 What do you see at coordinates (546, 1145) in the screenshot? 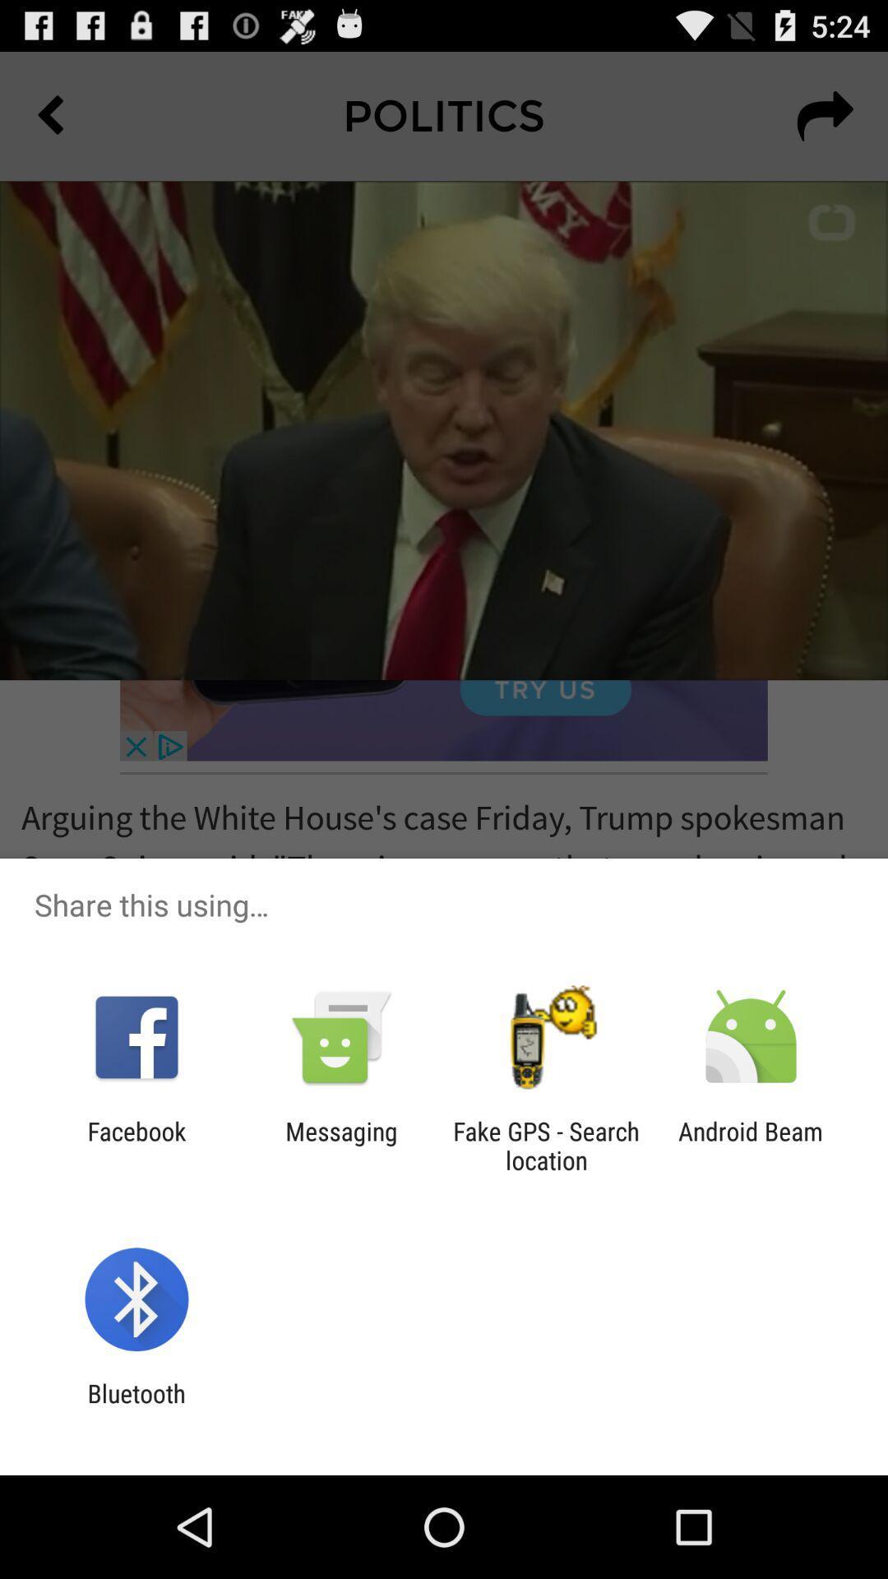
I see `item to the right of the messaging icon` at bounding box center [546, 1145].